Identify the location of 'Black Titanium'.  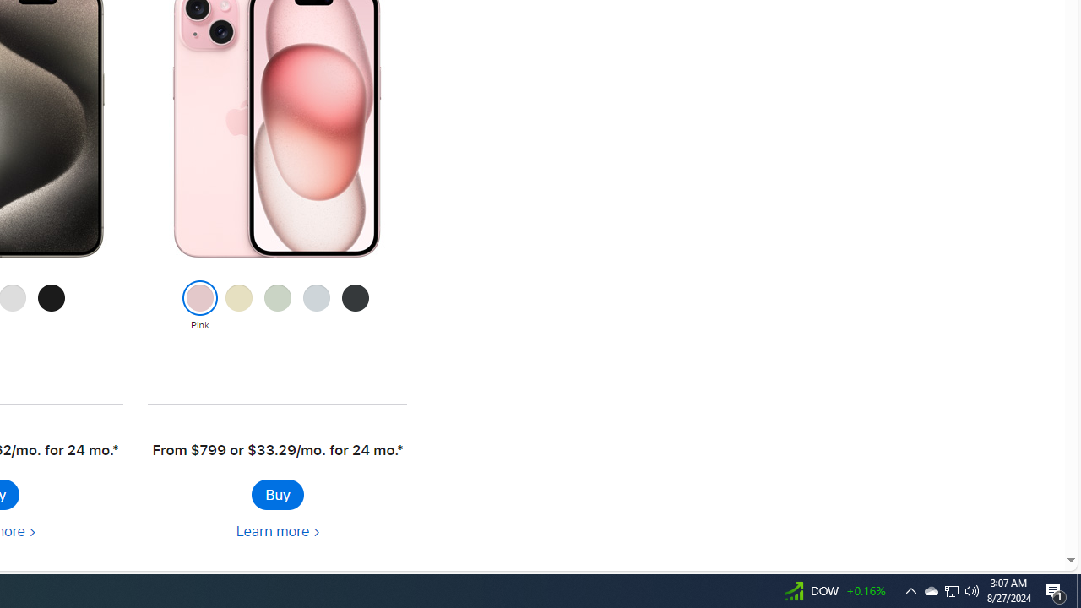
(52, 307).